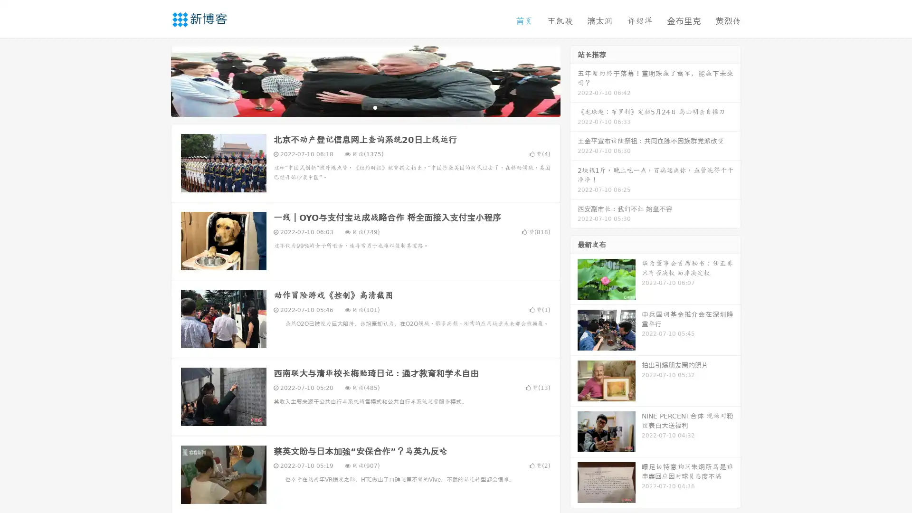  What do you see at coordinates (574, 80) in the screenshot?
I see `Next slide` at bounding box center [574, 80].